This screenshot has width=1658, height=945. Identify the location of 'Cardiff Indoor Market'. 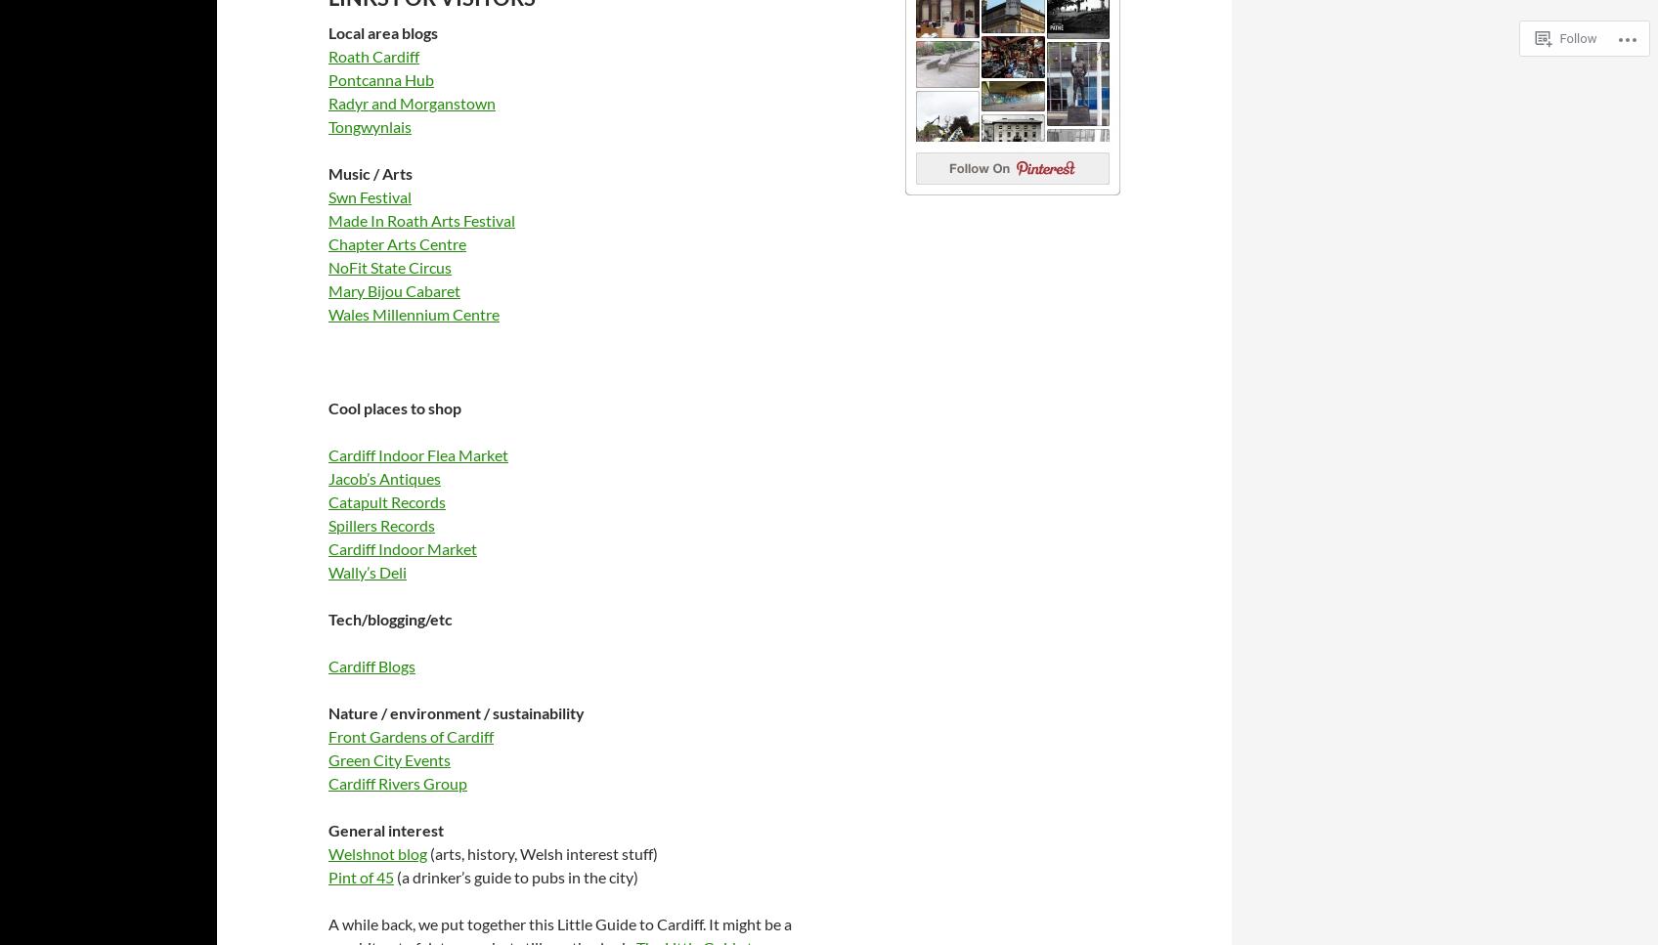
(401, 546).